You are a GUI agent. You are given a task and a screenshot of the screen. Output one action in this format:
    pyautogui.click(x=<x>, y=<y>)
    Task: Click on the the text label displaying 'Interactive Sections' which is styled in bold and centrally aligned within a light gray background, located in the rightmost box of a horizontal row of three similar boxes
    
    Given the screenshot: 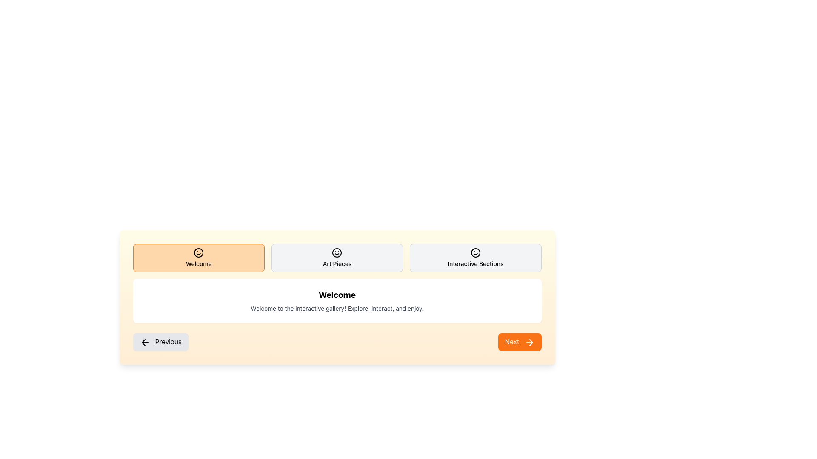 What is the action you would take?
    pyautogui.click(x=475, y=263)
    